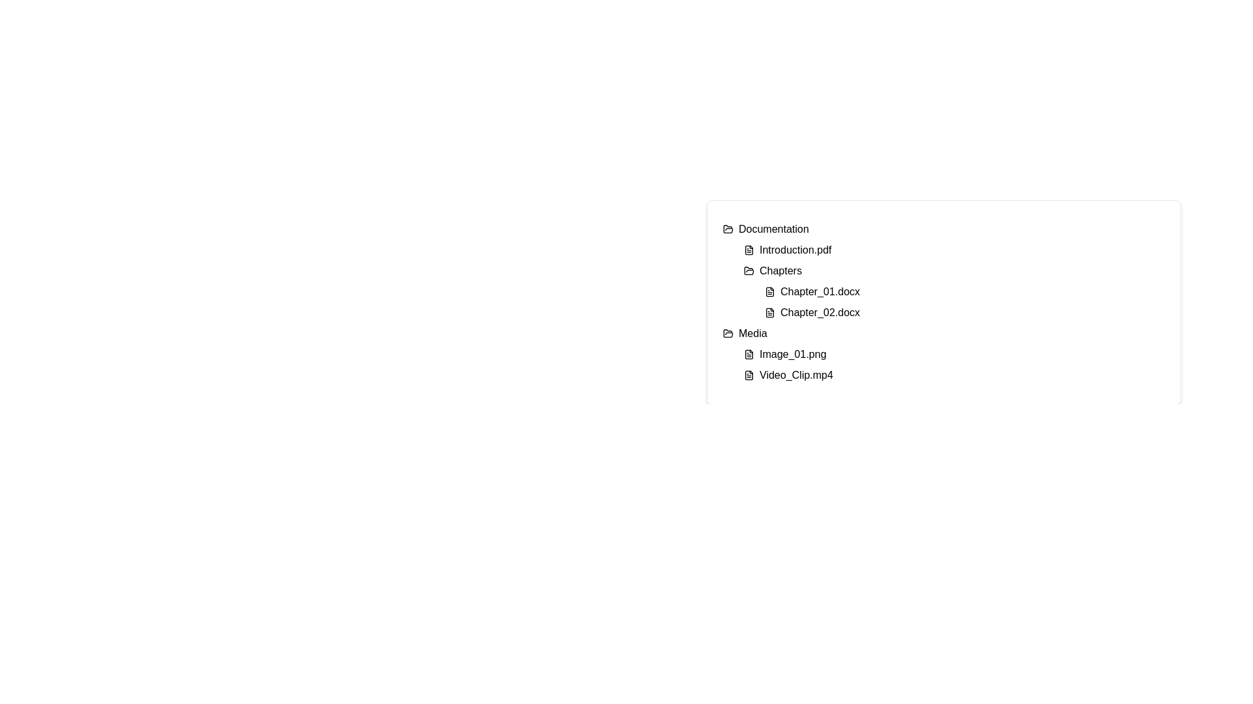 The height and width of the screenshot is (704, 1253). Describe the element at coordinates (954, 281) in the screenshot. I see `to select the item in the hierarchical file browser list that includes entries like 'Introduction.pdf' and subfolder 'Chapters'` at that location.